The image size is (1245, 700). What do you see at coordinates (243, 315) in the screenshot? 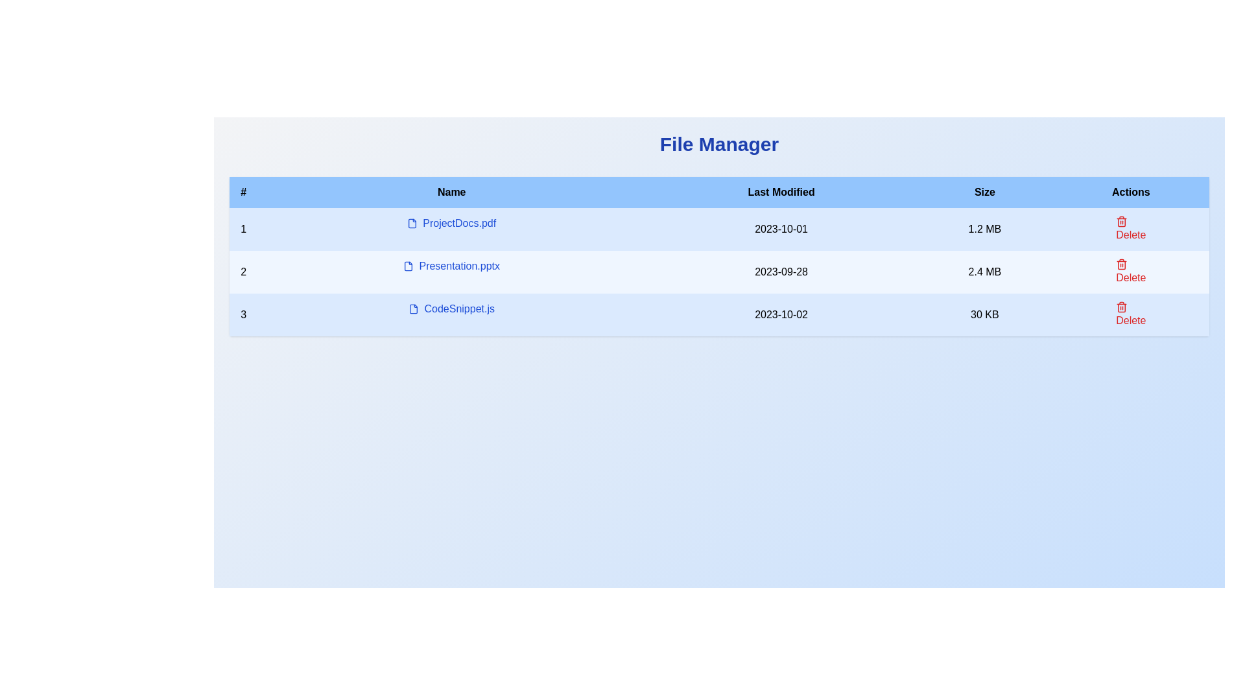
I see `numeral '3' displayed in the static text label, which is the leftmost cell in the third row of a table layout, representing an index in a file information table` at bounding box center [243, 315].